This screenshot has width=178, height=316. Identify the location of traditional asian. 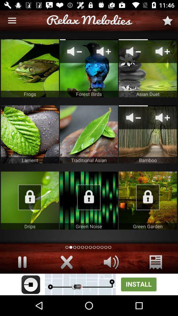
(89, 134).